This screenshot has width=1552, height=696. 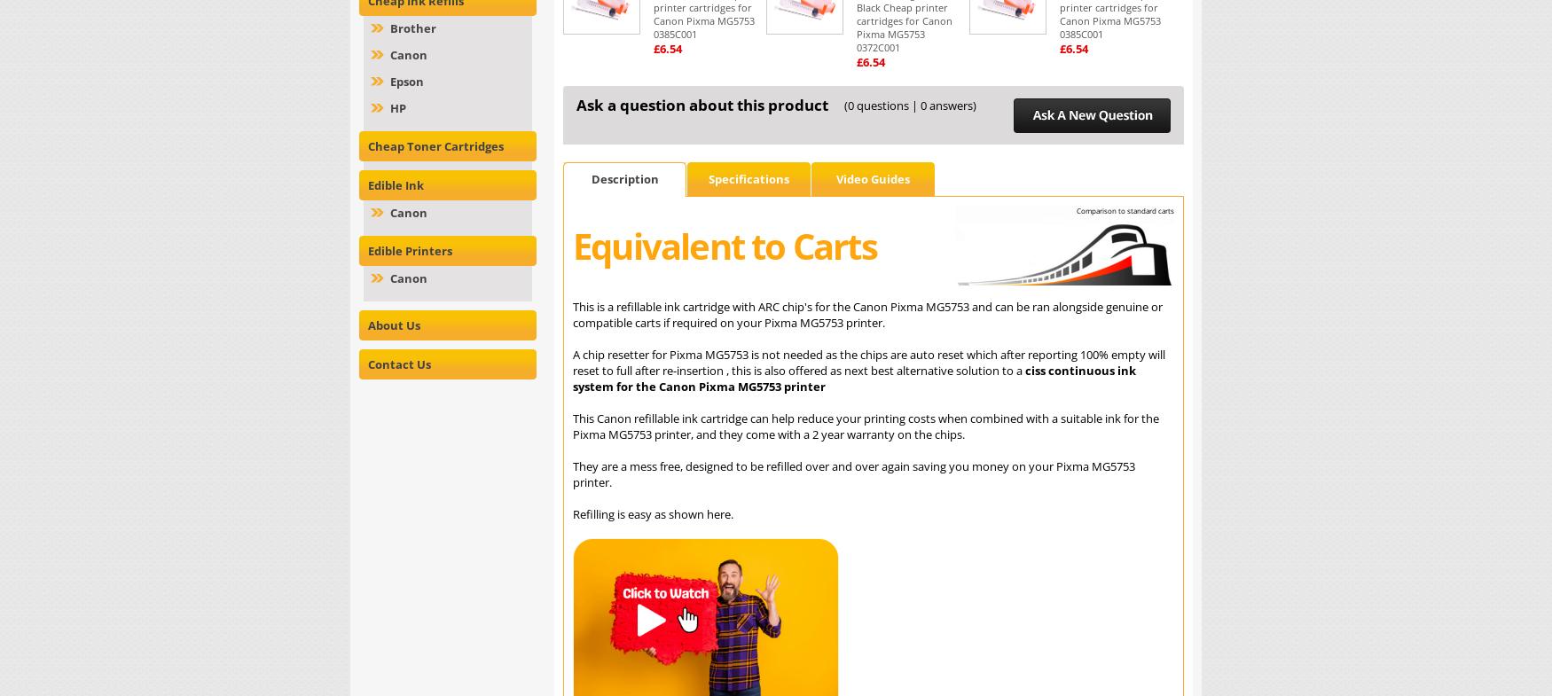 I want to click on '(0 questions | 0 answers)', so click(x=909, y=105).